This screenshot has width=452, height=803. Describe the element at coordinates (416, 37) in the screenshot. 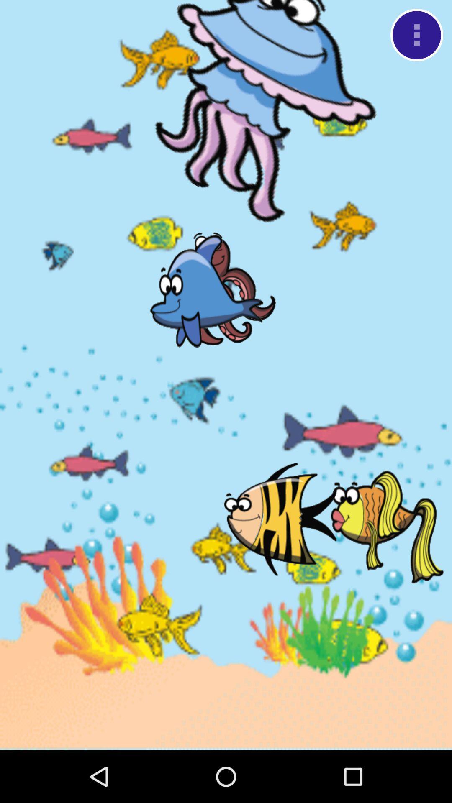

I see `the more icon` at that location.